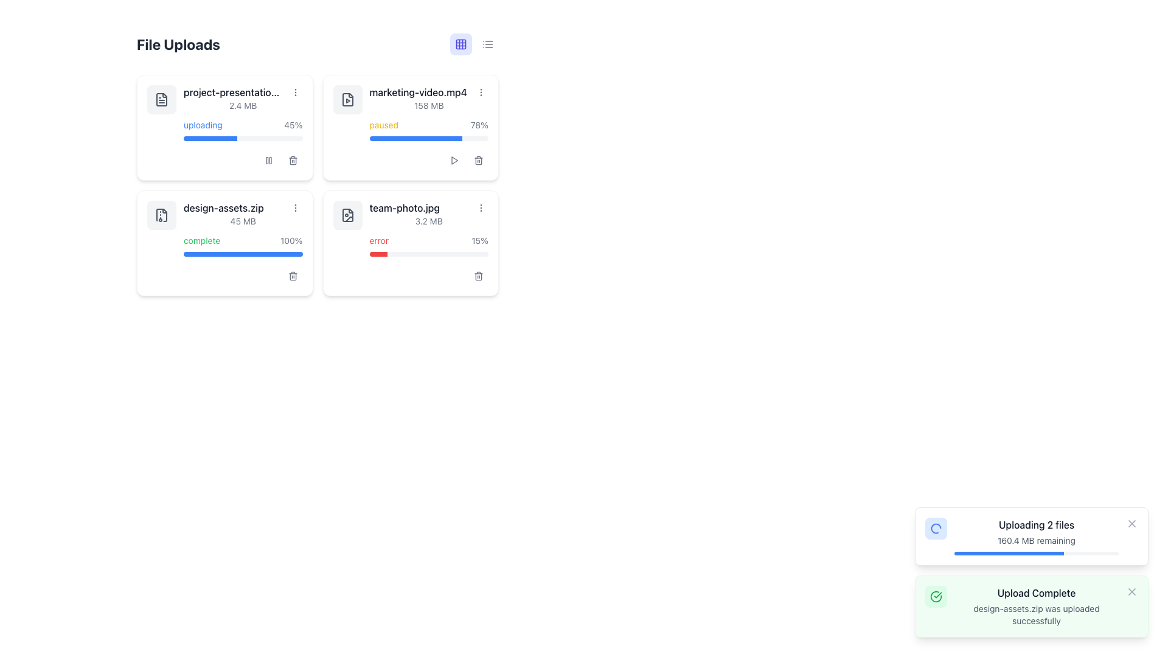 Image resolution: width=1168 pixels, height=657 pixels. Describe the element at coordinates (1036, 614) in the screenshot. I see `message displayed in the text label that confirms the successful upload of 'design-assets.zip'` at that location.